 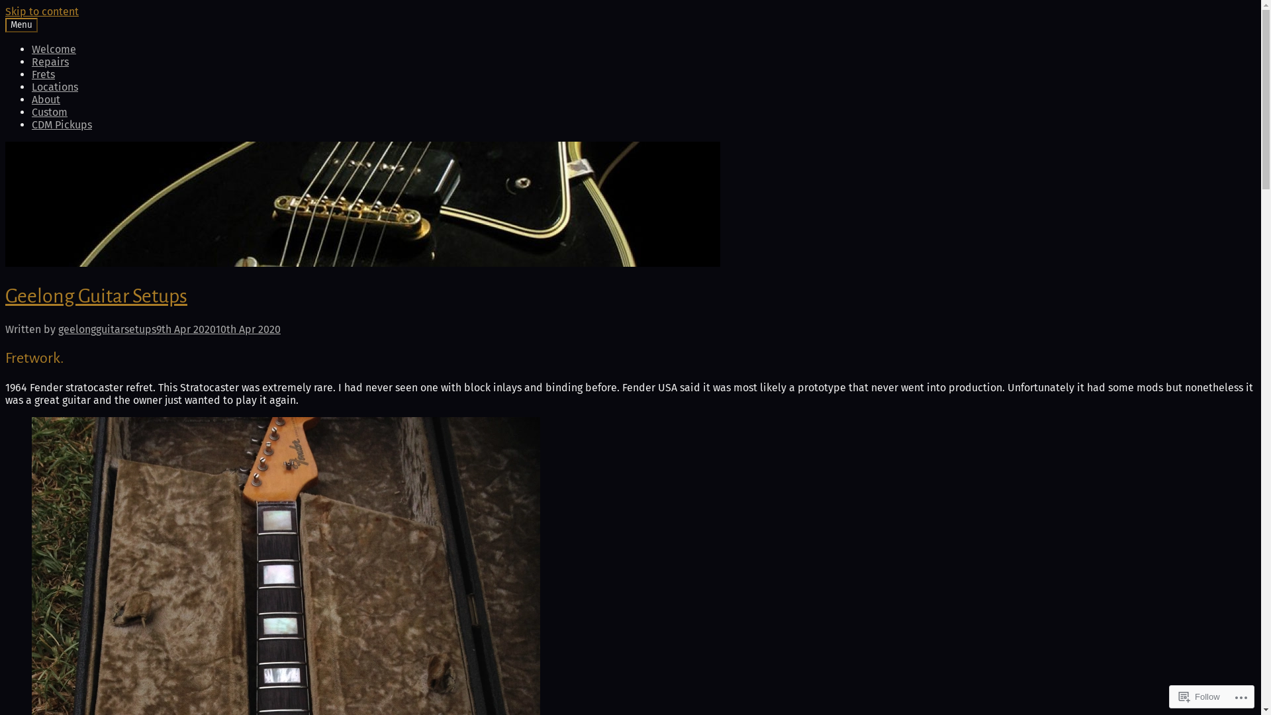 What do you see at coordinates (43, 74) in the screenshot?
I see `'Frets'` at bounding box center [43, 74].